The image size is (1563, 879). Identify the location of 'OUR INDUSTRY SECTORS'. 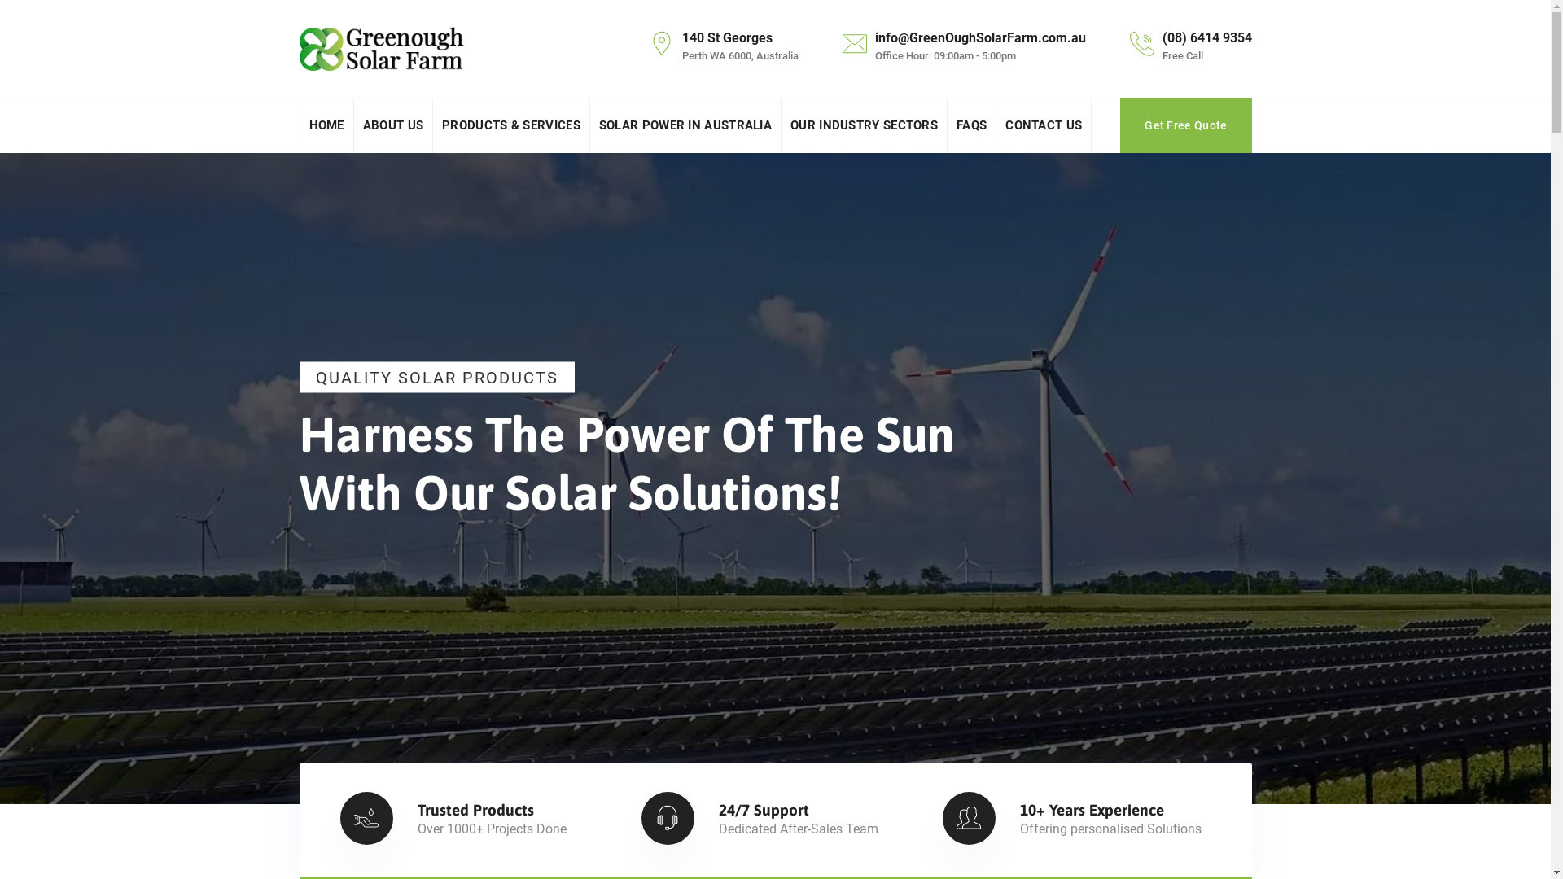
(863, 125).